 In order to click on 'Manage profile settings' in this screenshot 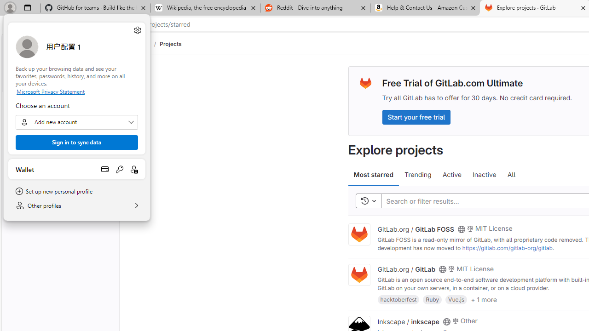, I will do `click(137, 29)`.